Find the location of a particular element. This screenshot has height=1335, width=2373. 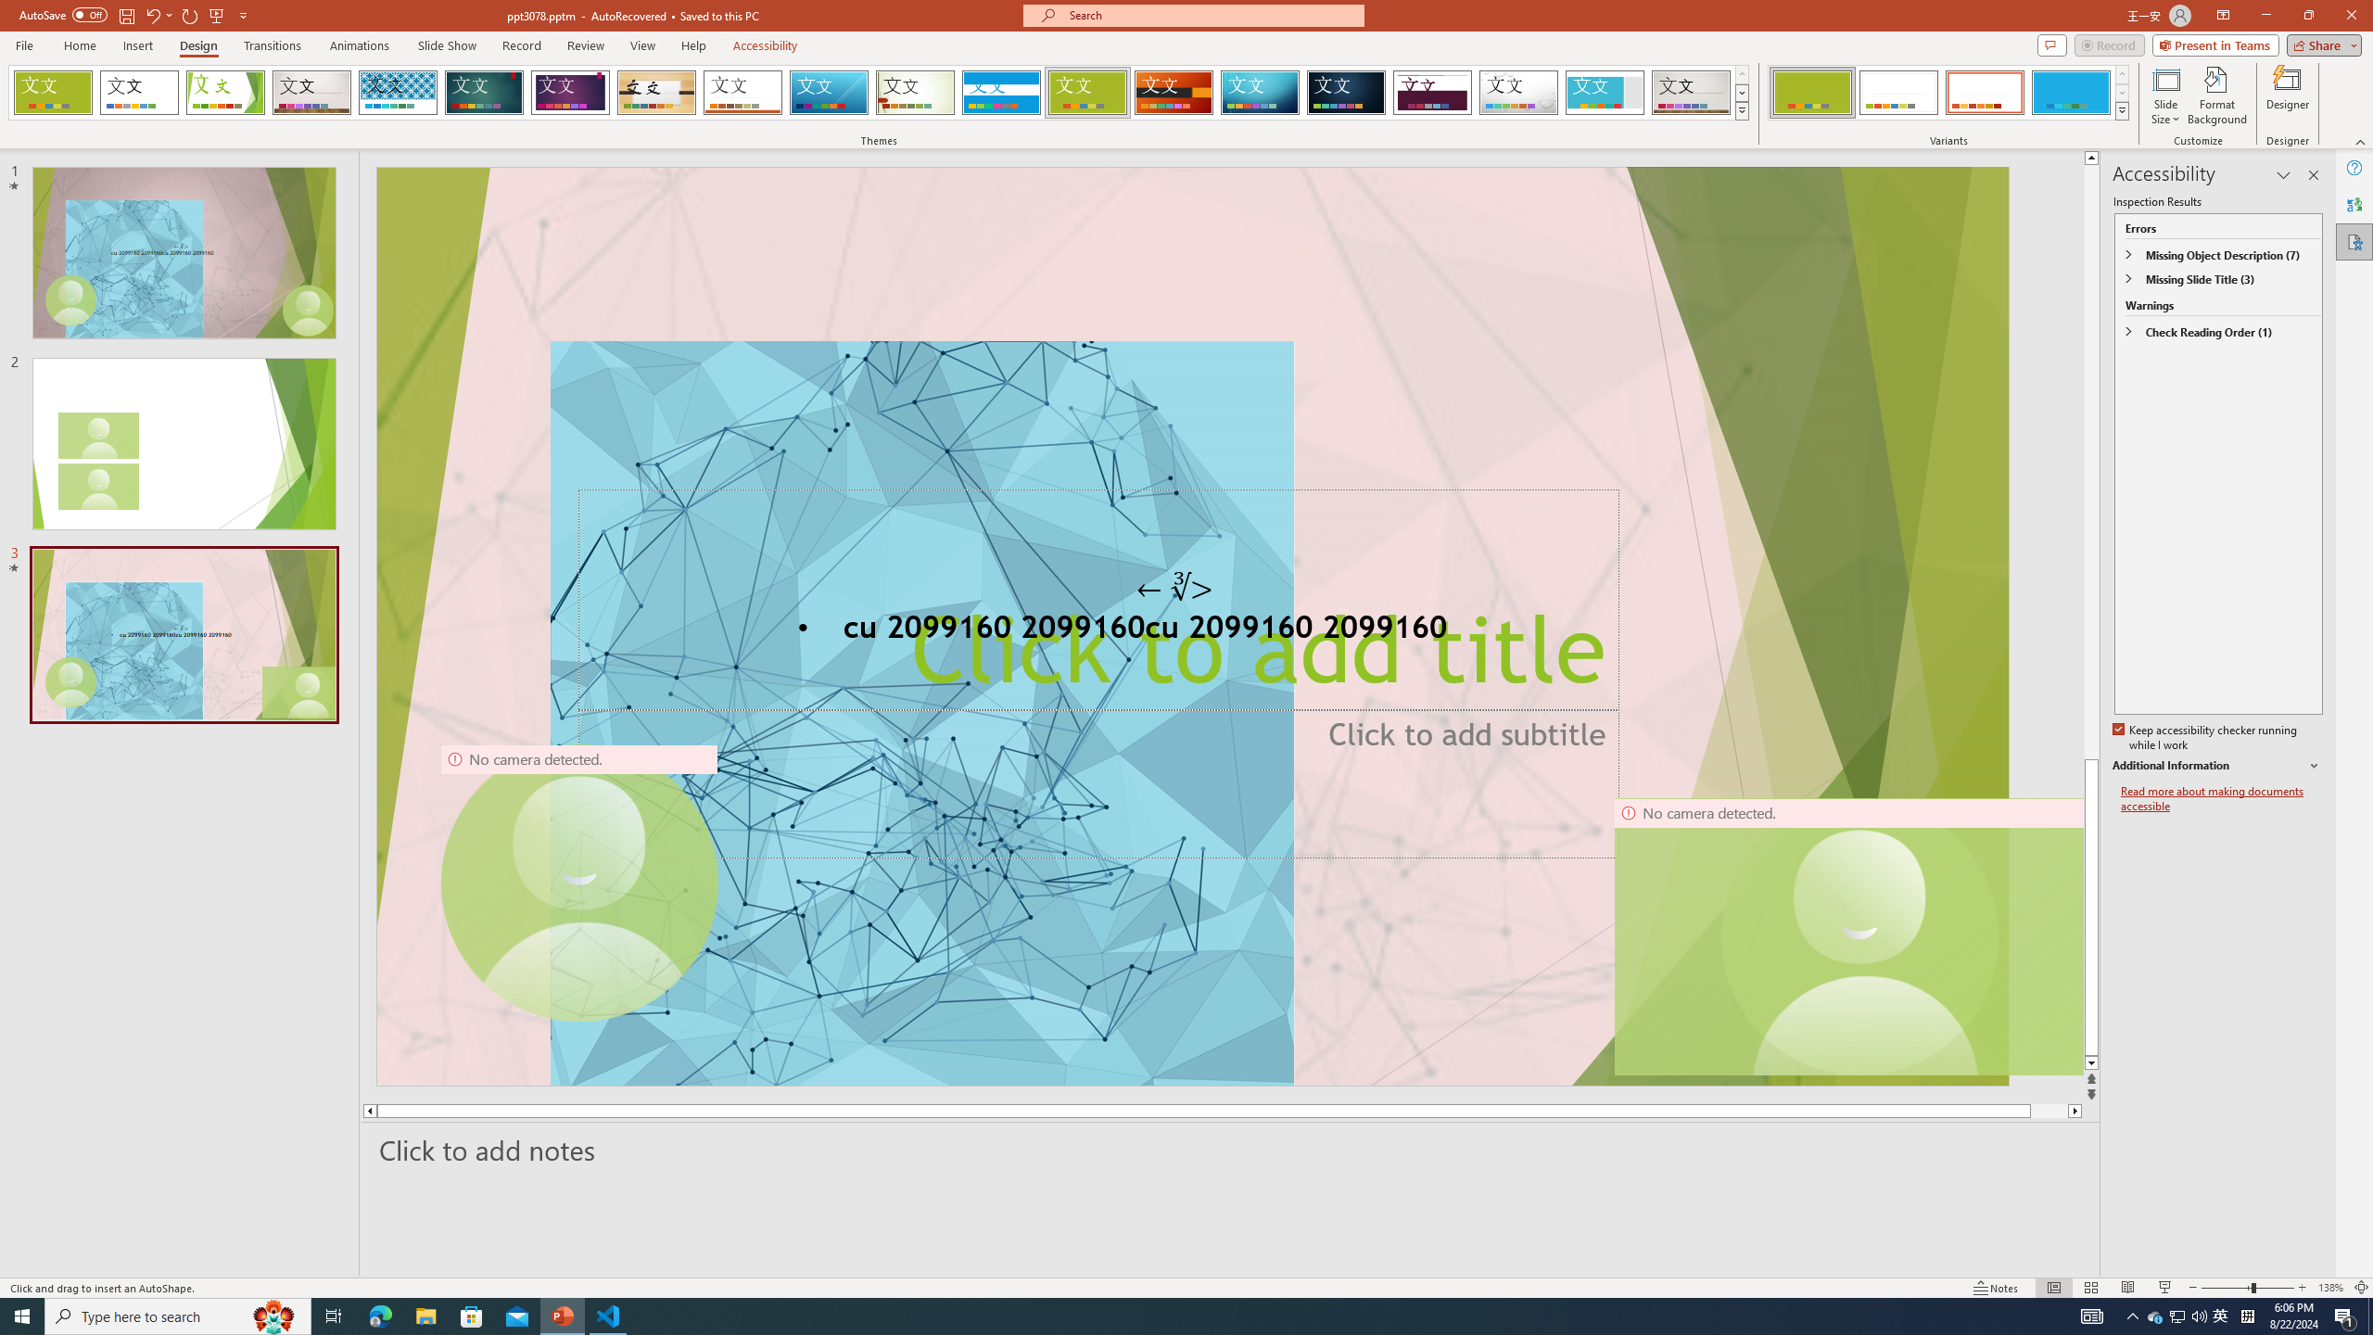

'Wisp' is located at coordinates (915, 92).